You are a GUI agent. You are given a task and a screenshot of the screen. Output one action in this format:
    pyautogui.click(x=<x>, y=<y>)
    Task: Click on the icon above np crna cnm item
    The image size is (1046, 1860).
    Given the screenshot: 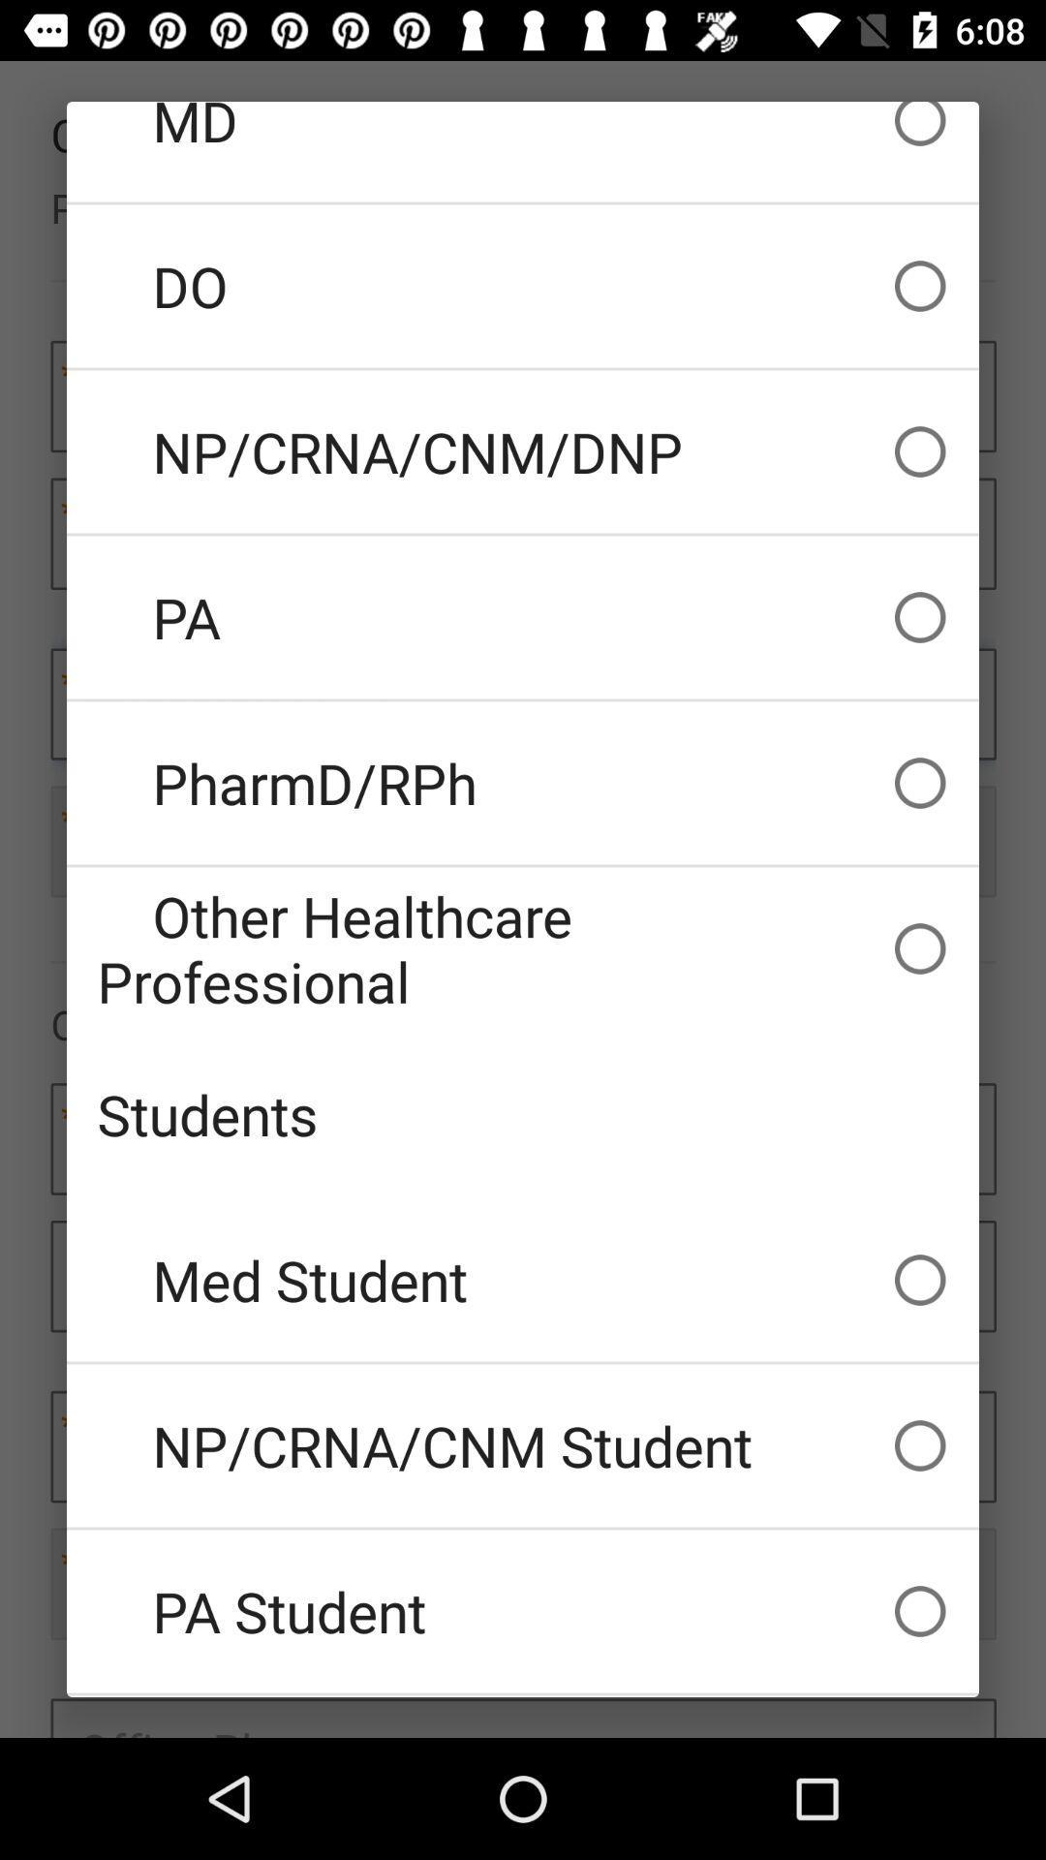 What is the action you would take?
    pyautogui.click(x=523, y=285)
    